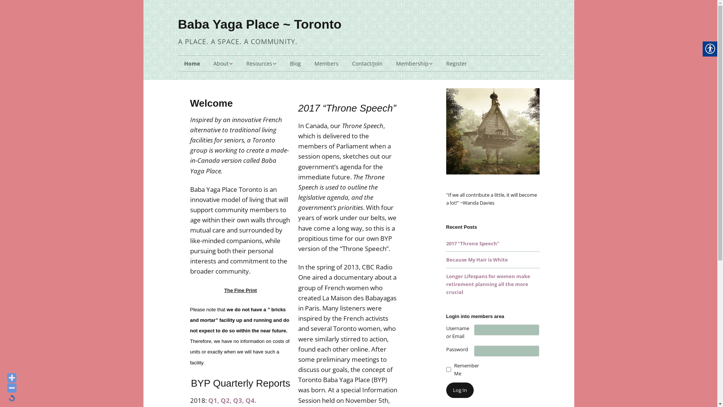 Image resolution: width=723 pixels, height=407 pixels. I want to click on 'Q2,', so click(226, 400).